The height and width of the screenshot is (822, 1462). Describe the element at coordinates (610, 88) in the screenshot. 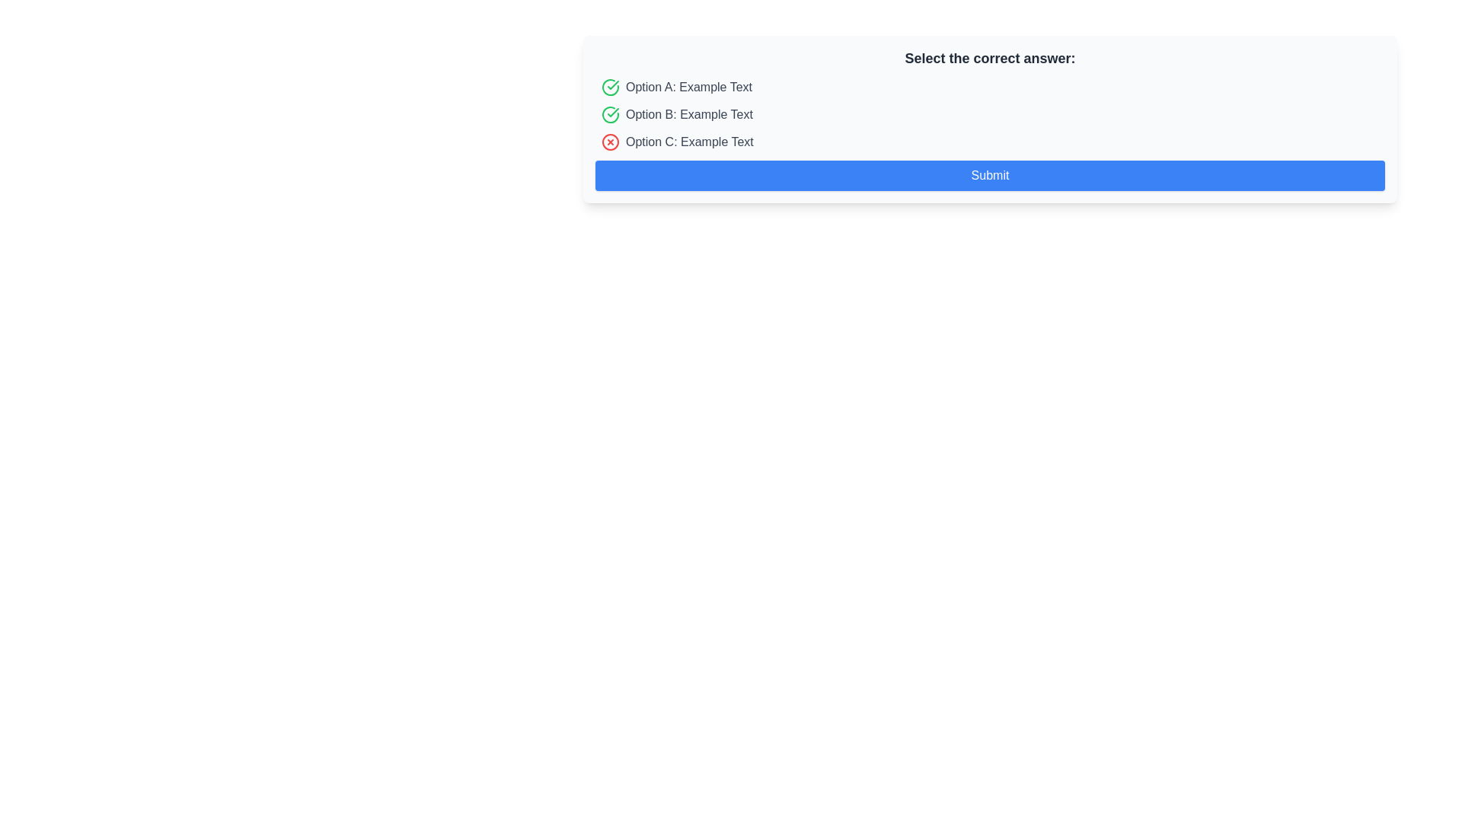

I see `the green circular icon with a white checkmark symbol, which is located to the left of the text 'Option A: Example Text'` at that location.